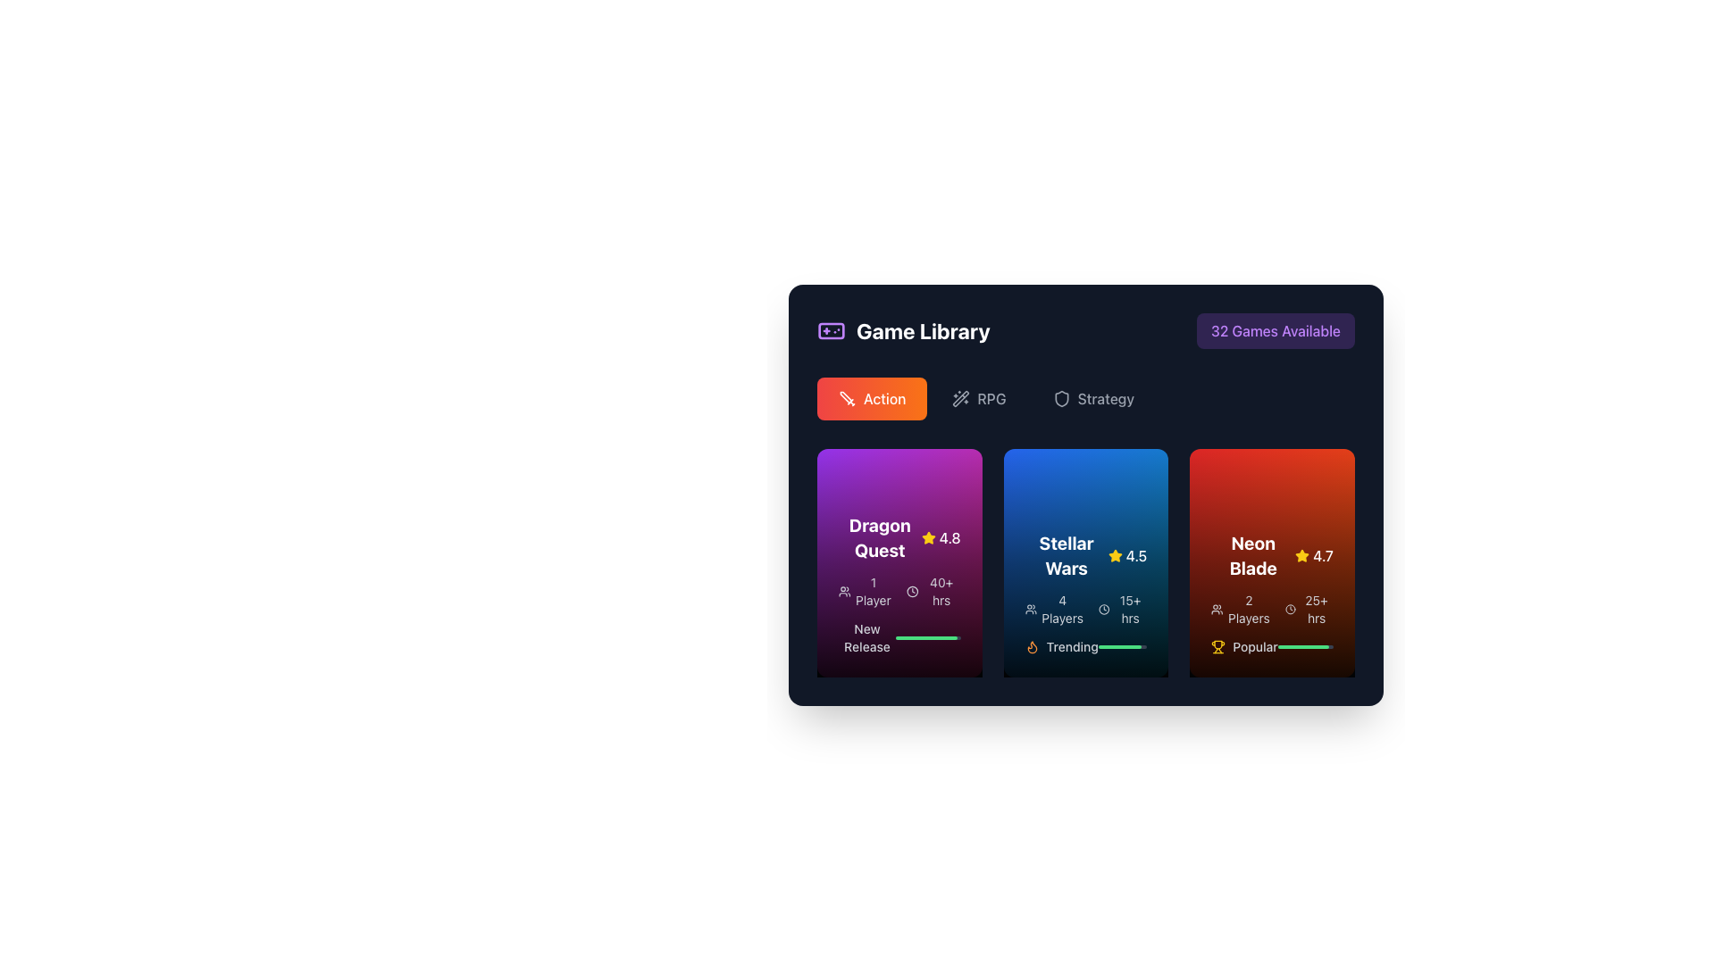 This screenshot has height=964, width=1715. What do you see at coordinates (899, 592) in the screenshot?
I see `the informational text element containing the player icon and '1 Player' text, as well as the clock icon and '40+ hrs' text, located below the title 'Dragon Quest'` at bounding box center [899, 592].